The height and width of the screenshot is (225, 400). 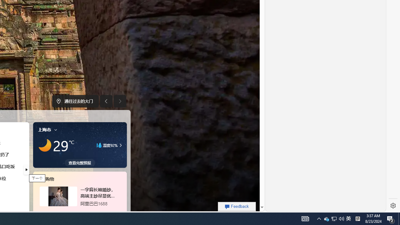 What do you see at coordinates (120, 145) in the screenshot?
I see `'Class: weather-arrow-glyph'` at bounding box center [120, 145].